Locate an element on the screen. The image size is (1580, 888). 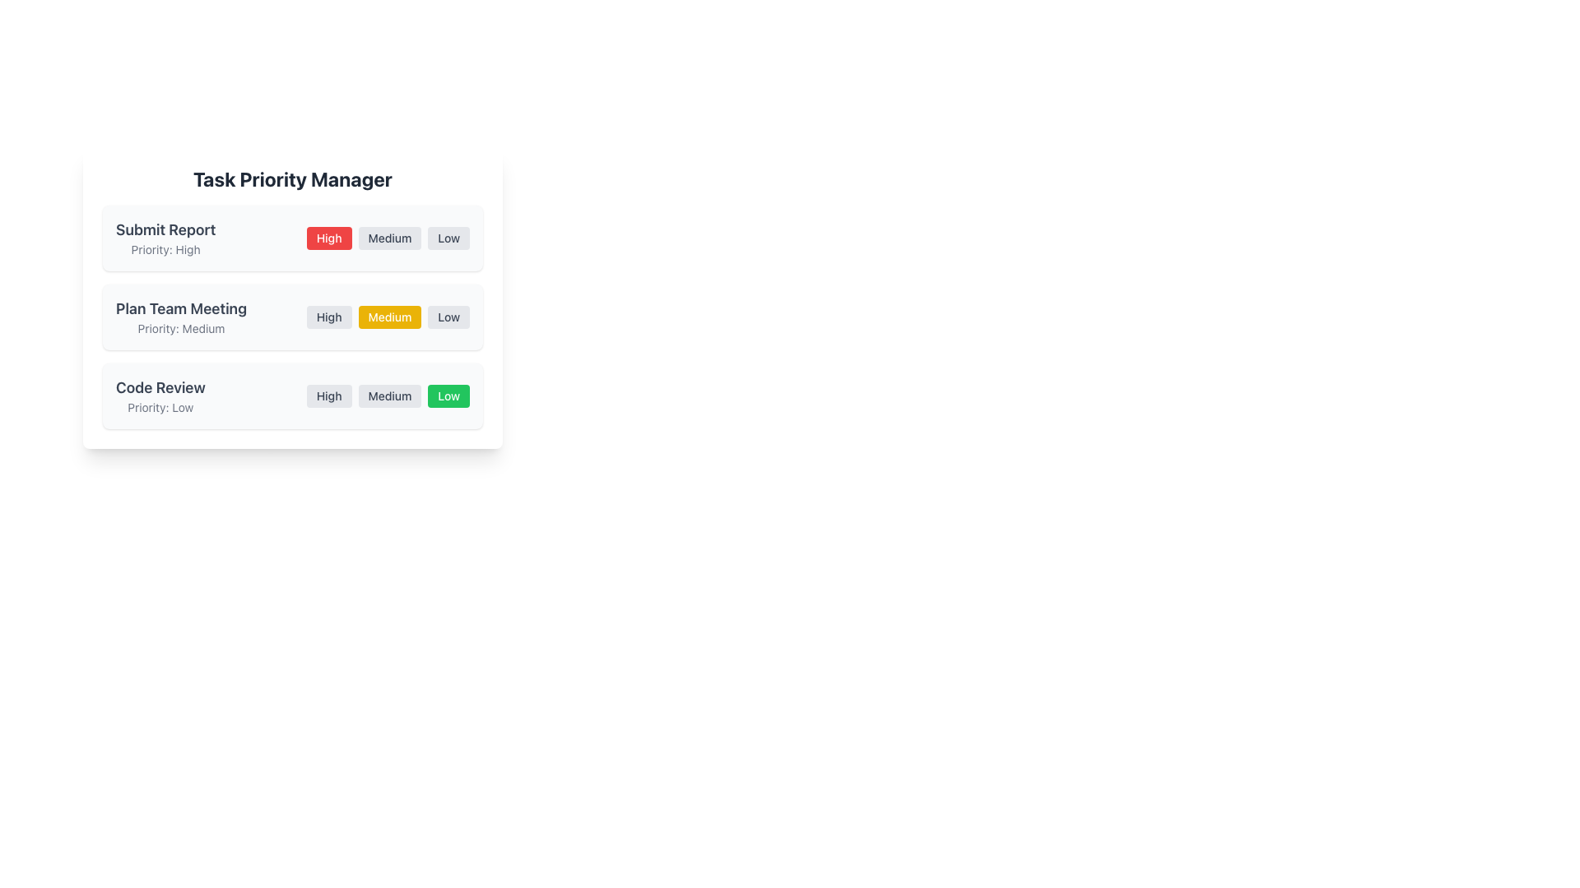
the bold, large title text 'Task Priority Manager' located at the top of the card component is located at coordinates (292, 179).